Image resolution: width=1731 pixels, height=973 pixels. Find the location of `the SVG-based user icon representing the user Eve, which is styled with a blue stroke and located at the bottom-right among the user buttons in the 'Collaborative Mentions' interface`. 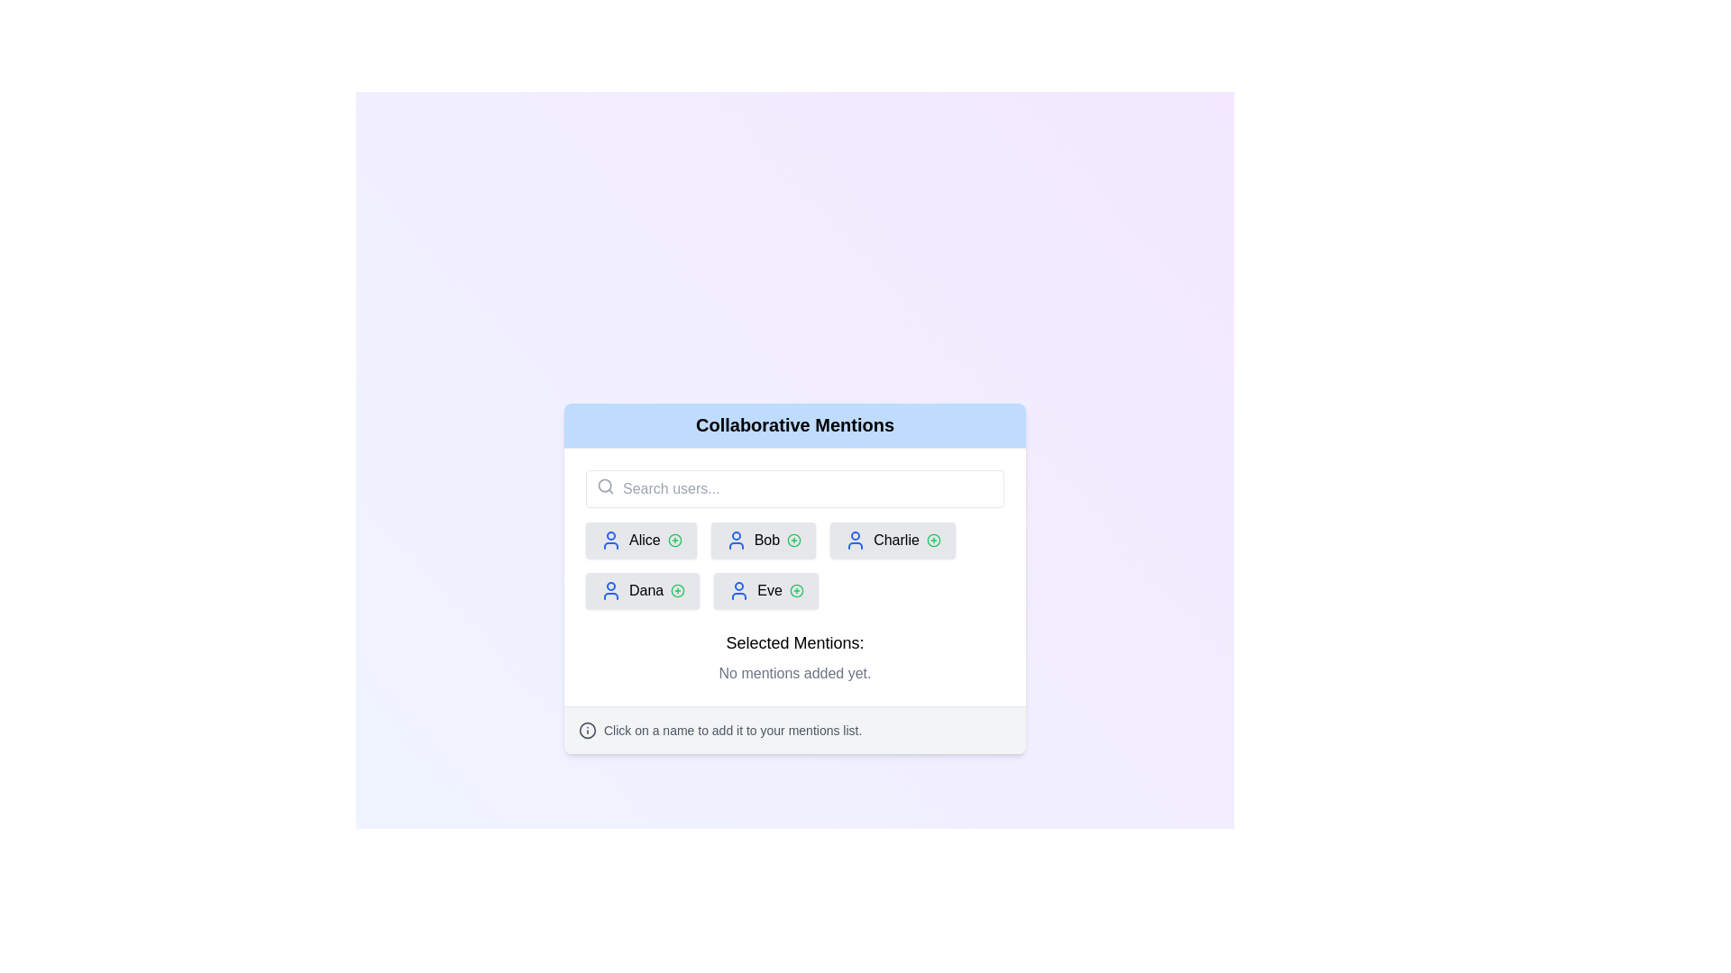

the SVG-based user icon representing the user Eve, which is styled with a blue stroke and located at the bottom-right among the user buttons in the 'Collaborative Mentions' interface is located at coordinates (739, 590).